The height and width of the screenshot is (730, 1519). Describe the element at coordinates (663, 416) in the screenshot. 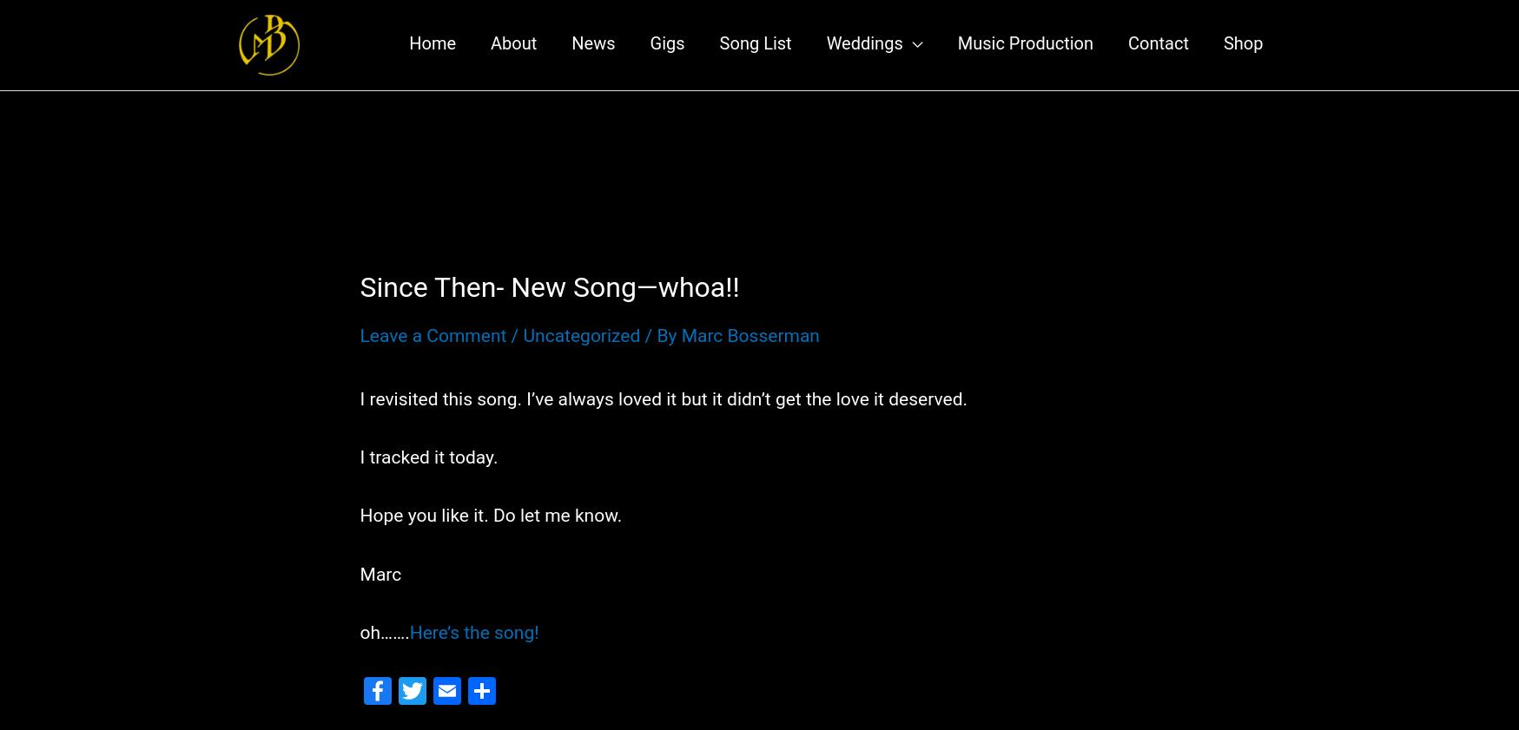

I see `'I revisited this song. I’ve always loved it but it didn’t get the love it deserved.'` at that location.